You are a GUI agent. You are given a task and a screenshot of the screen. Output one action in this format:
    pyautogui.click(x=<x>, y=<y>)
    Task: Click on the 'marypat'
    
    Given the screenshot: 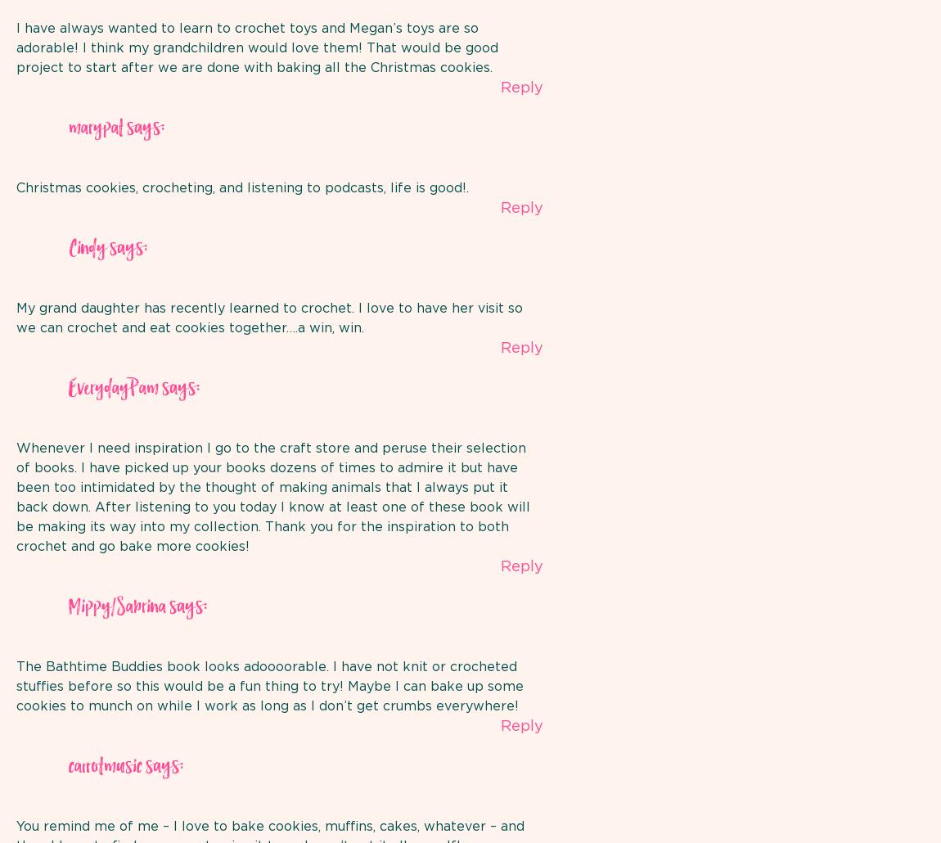 What is the action you would take?
    pyautogui.click(x=95, y=127)
    